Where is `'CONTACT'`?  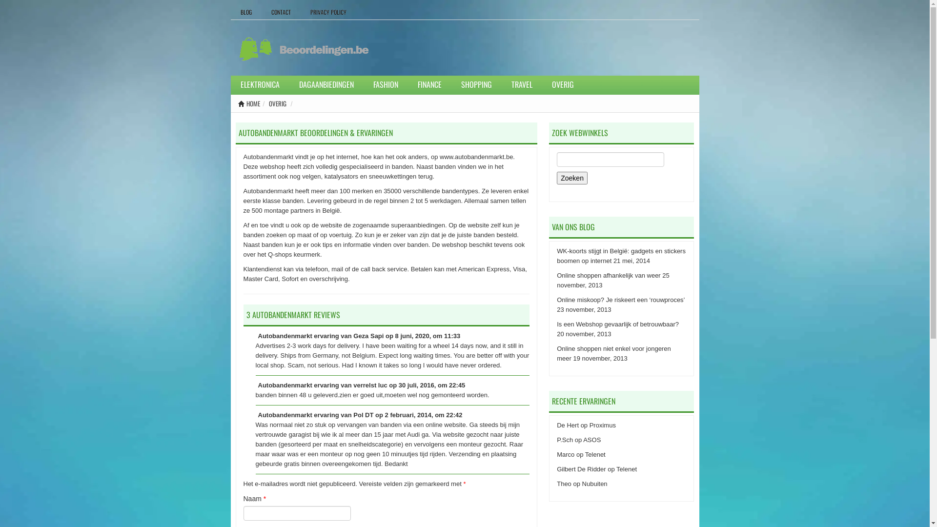
'CONTACT' is located at coordinates (281, 12).